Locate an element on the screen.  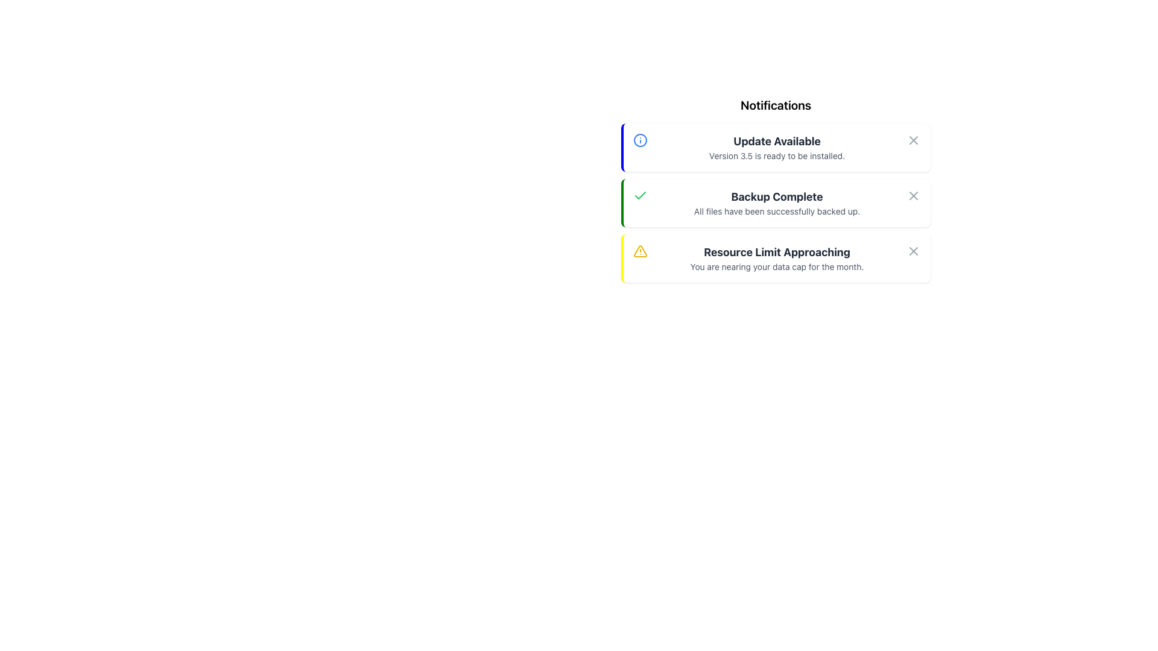
the 'X' icon button in the middle-right of the 'Backup Complete' notification panel is located at coordinates (914, 195).